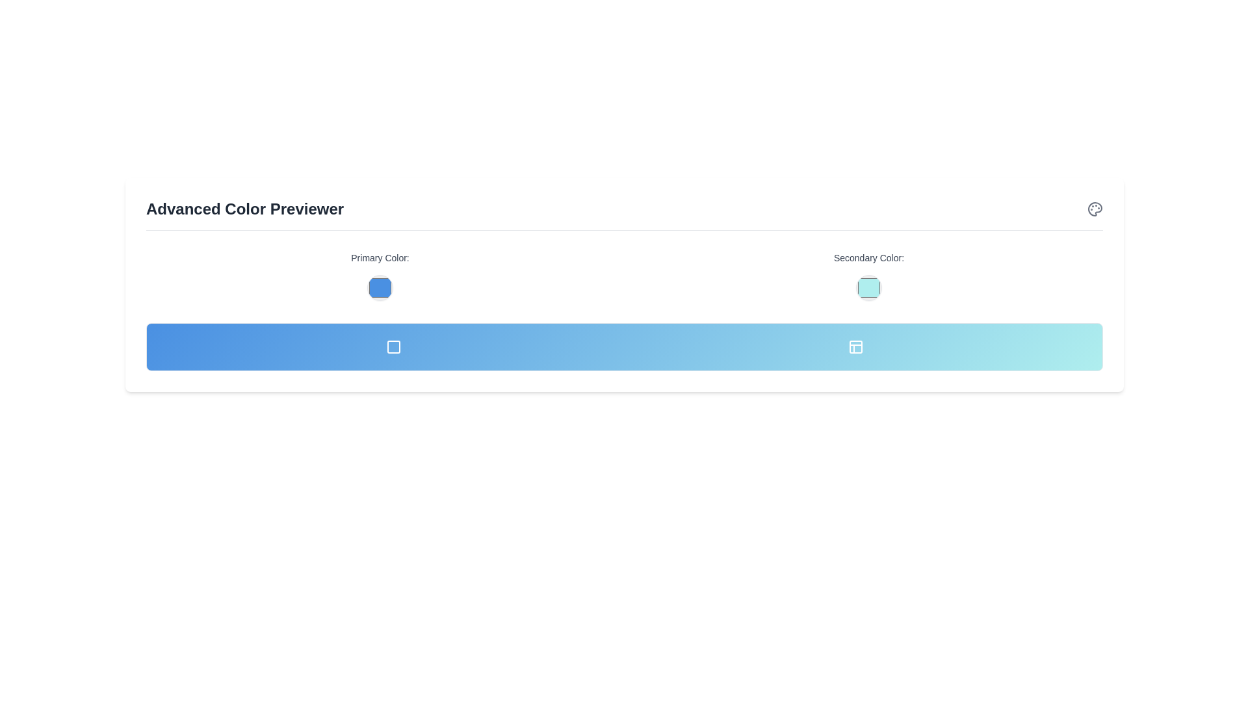 The image size is (1248, 702). What do you see at coordinates (380, 276) in the screenshot?
I see `the circular color well with a blue fill (#4a90e2) located in the 'Primary Color' section` at bounding box center [380, 276].